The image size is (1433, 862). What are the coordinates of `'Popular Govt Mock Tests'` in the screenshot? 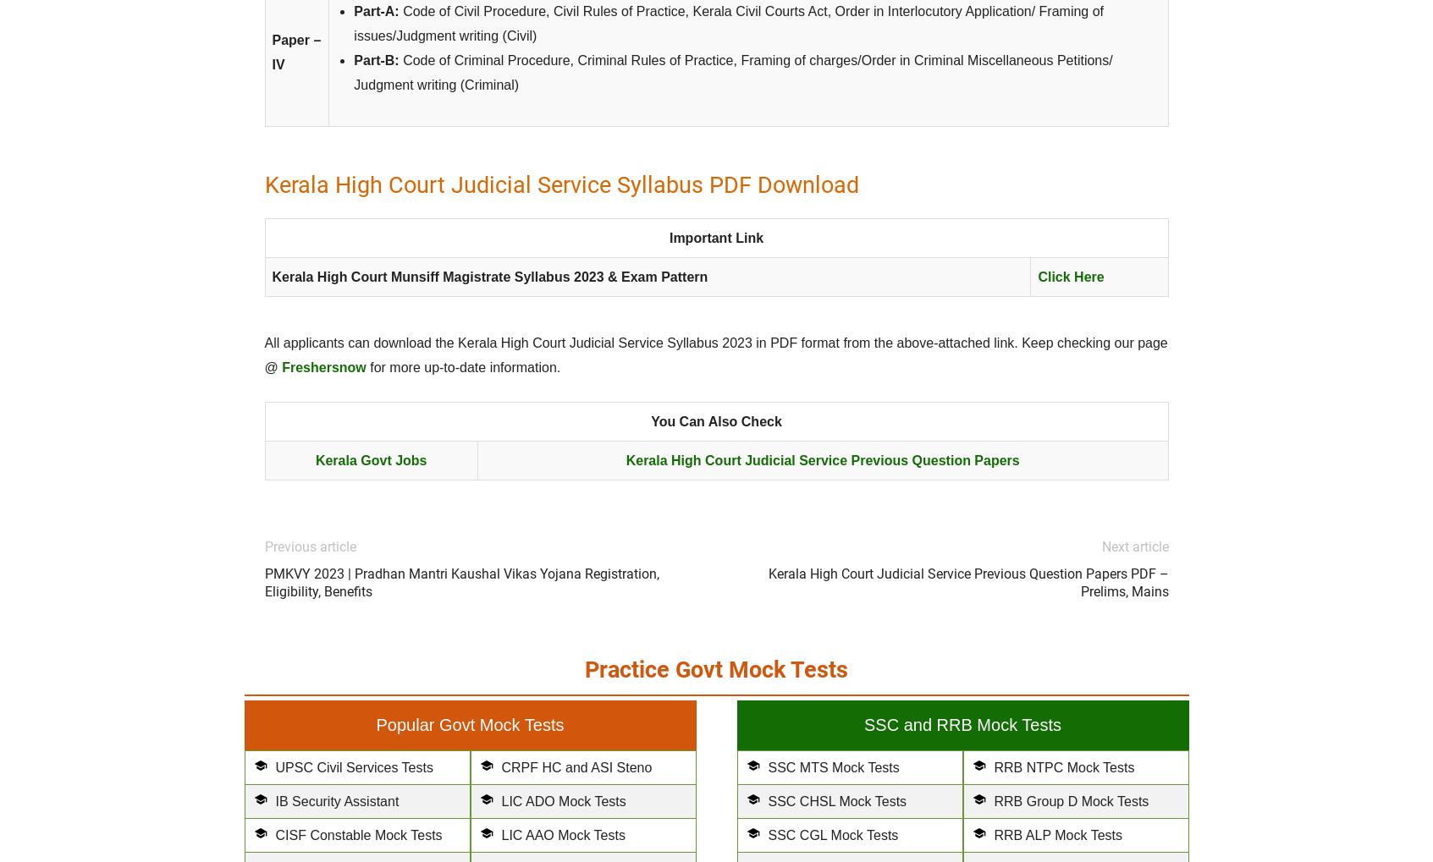 It's located at (468, 723).